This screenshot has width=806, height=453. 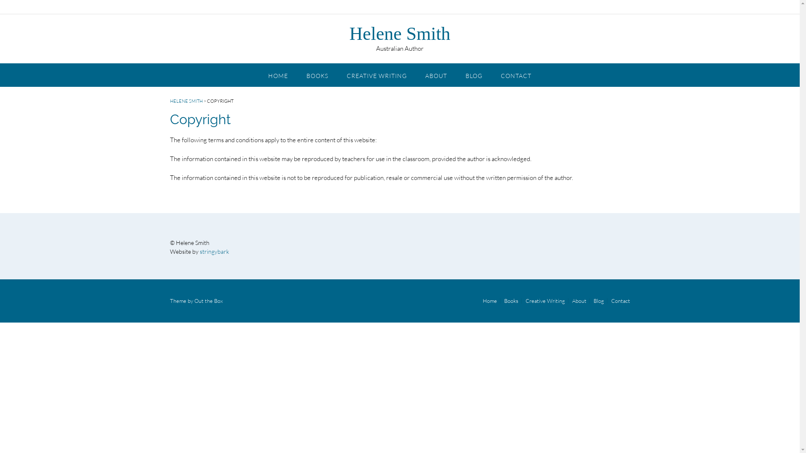 What do you see at coordinates (376, 74) in the screenshot?
I see `'CREATIVE WRITING'` at bounding box center [376, 74].